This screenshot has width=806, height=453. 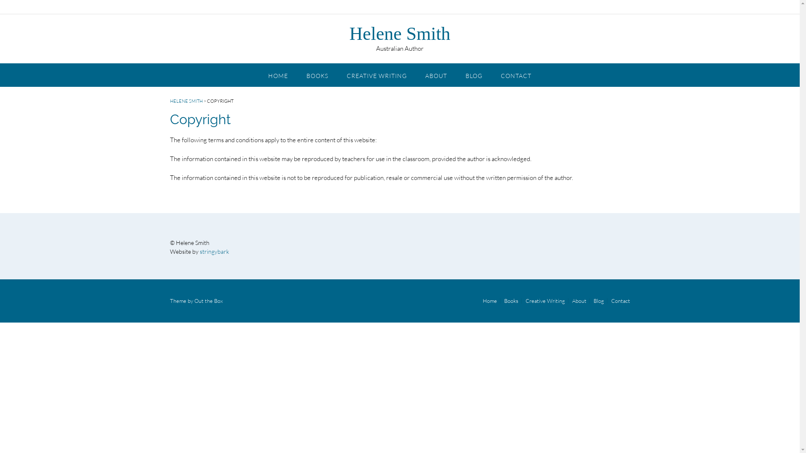 What do you see at coordinates (376, 74) in the screenshot?
I see `'CREATIVE WRITING'` at bounding box center [376, 74].